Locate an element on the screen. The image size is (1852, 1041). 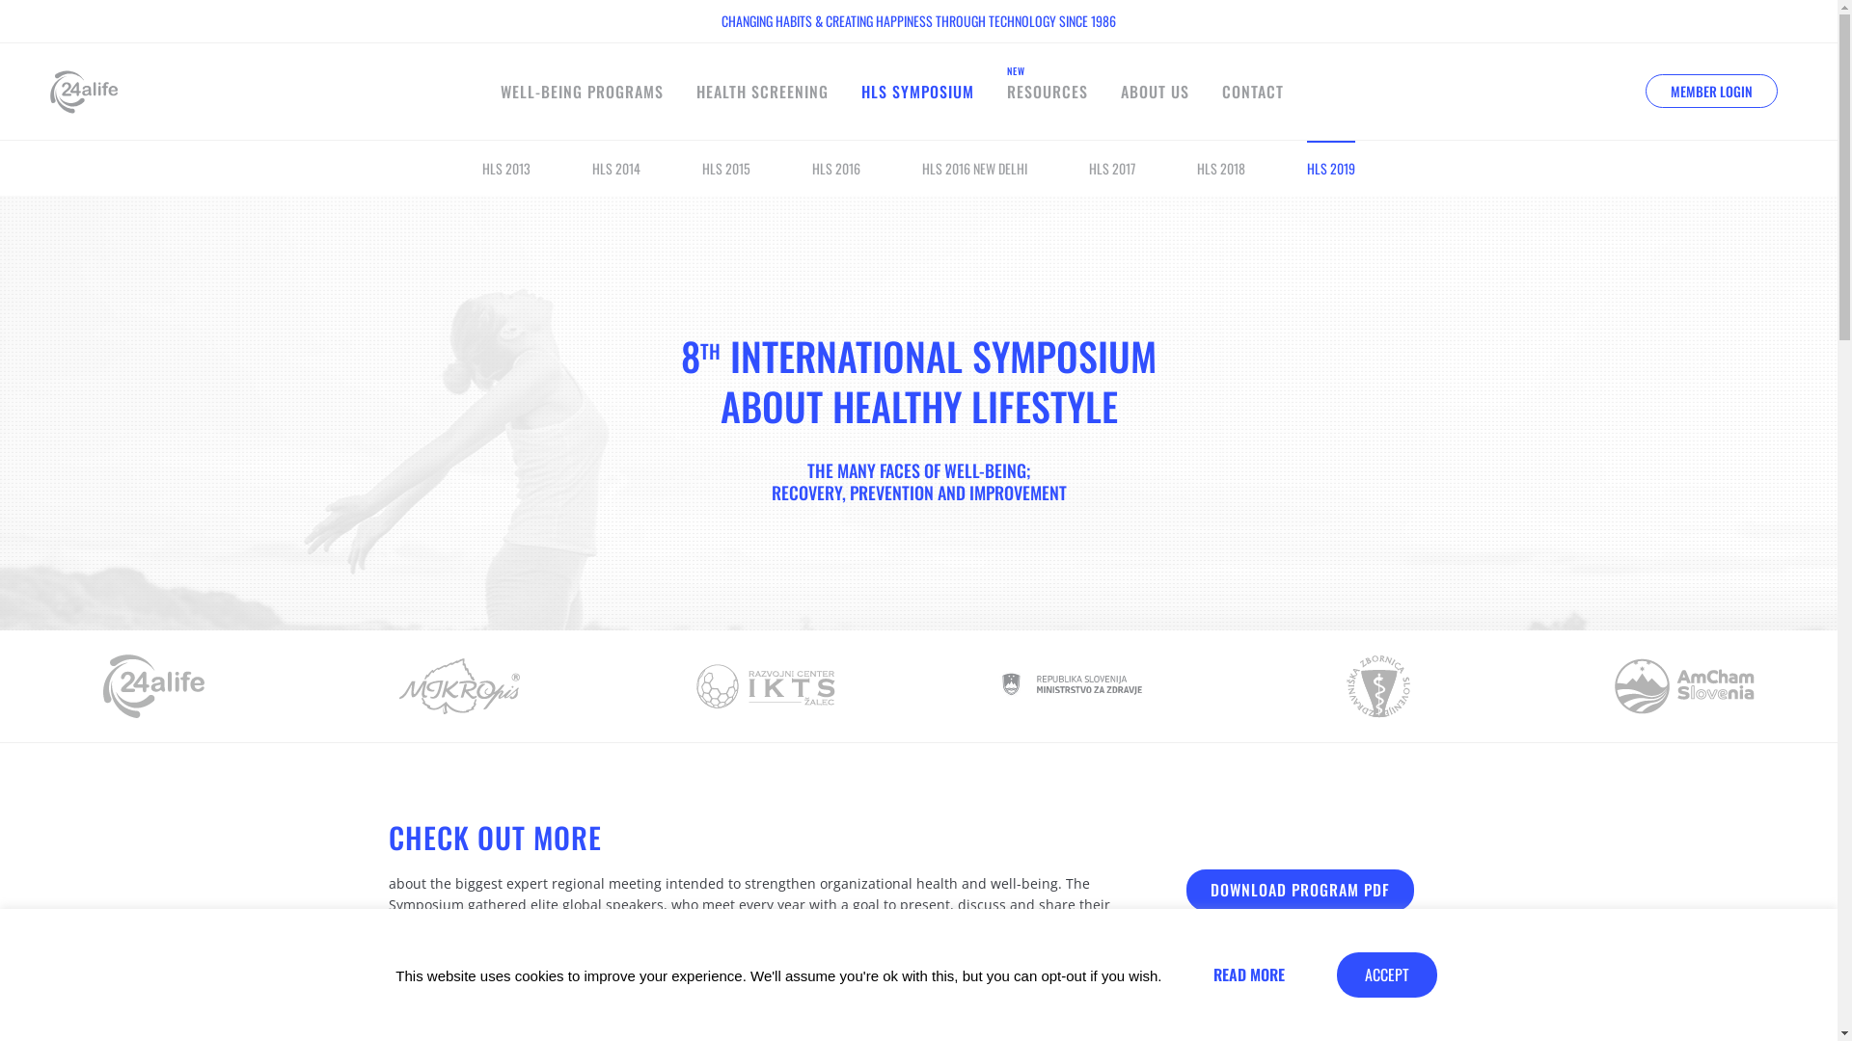
'ACCEPT' is located at coordinates (1386, 974).